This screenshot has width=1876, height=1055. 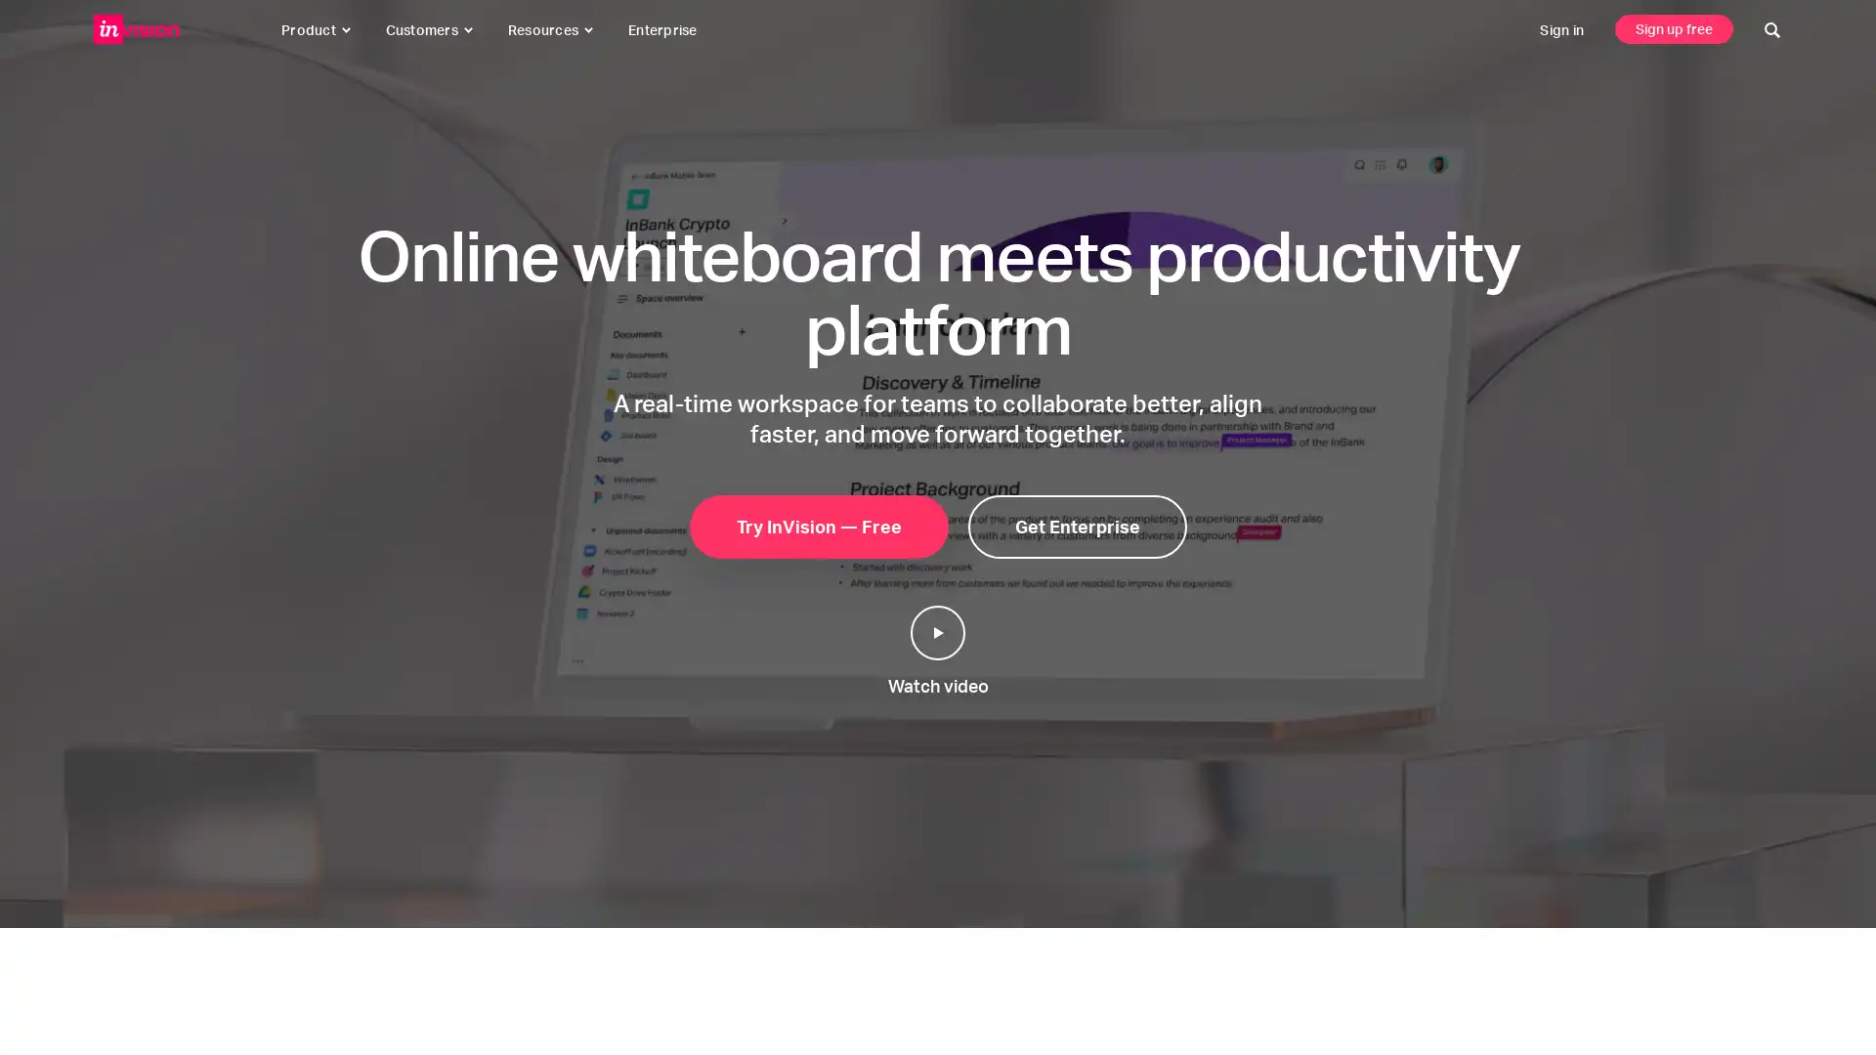 What do you see at coordinates (818, 526) in the screenshot?
I see `try invision  free` at bounding box center [818, 526].